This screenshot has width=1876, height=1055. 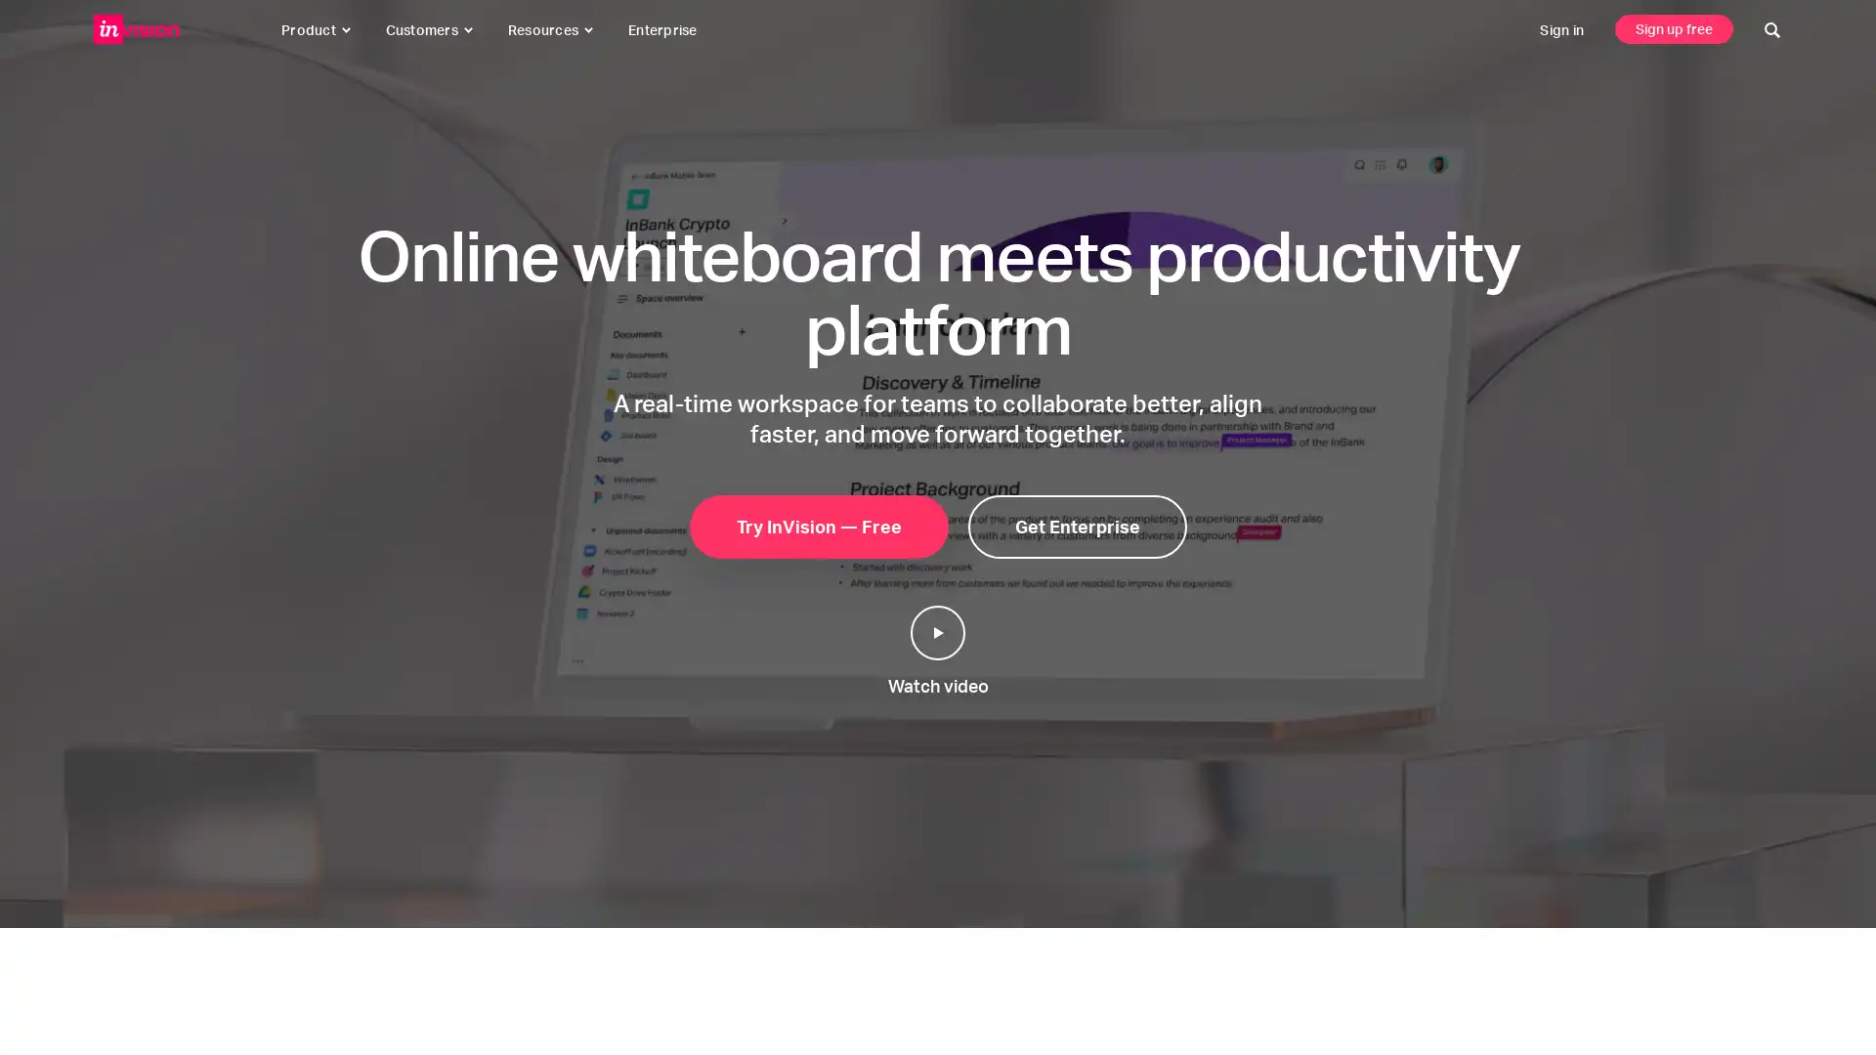 What do you see at coordinates (818, 526) in the screenshot?
I see `try invision  free` at bounding box center [818, 526].